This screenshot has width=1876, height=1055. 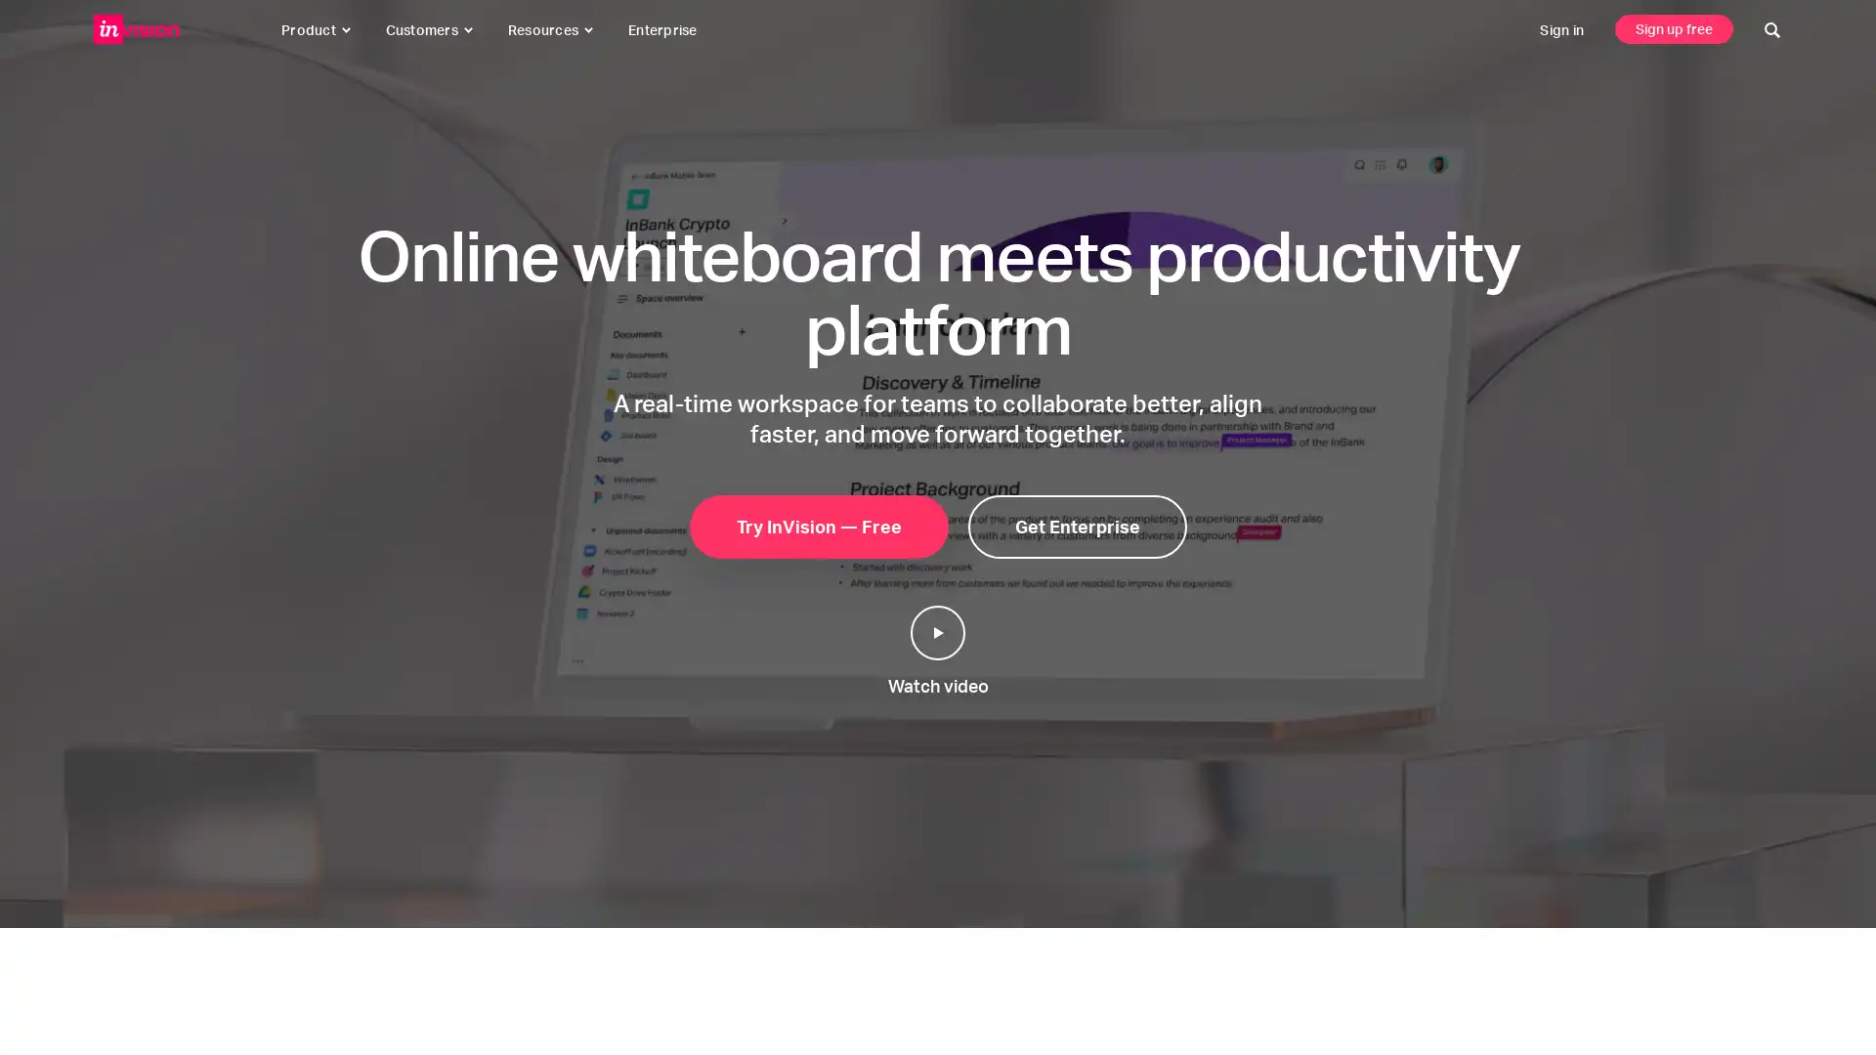 What do you see at coordinates (818, 526) in the screenshot?
I see `try invision  free` at bounding box center [818, 526].